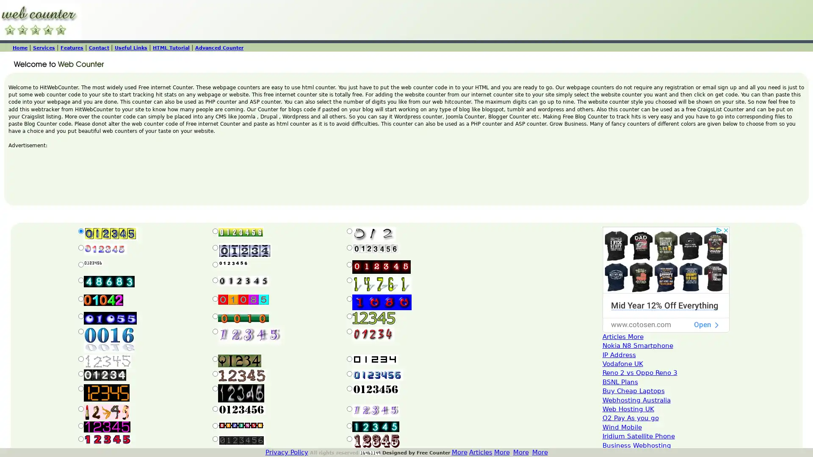  What do you see at coordinates (243, 250) in the screenshot?
I see `Submit` at bounding box center [243, 250].